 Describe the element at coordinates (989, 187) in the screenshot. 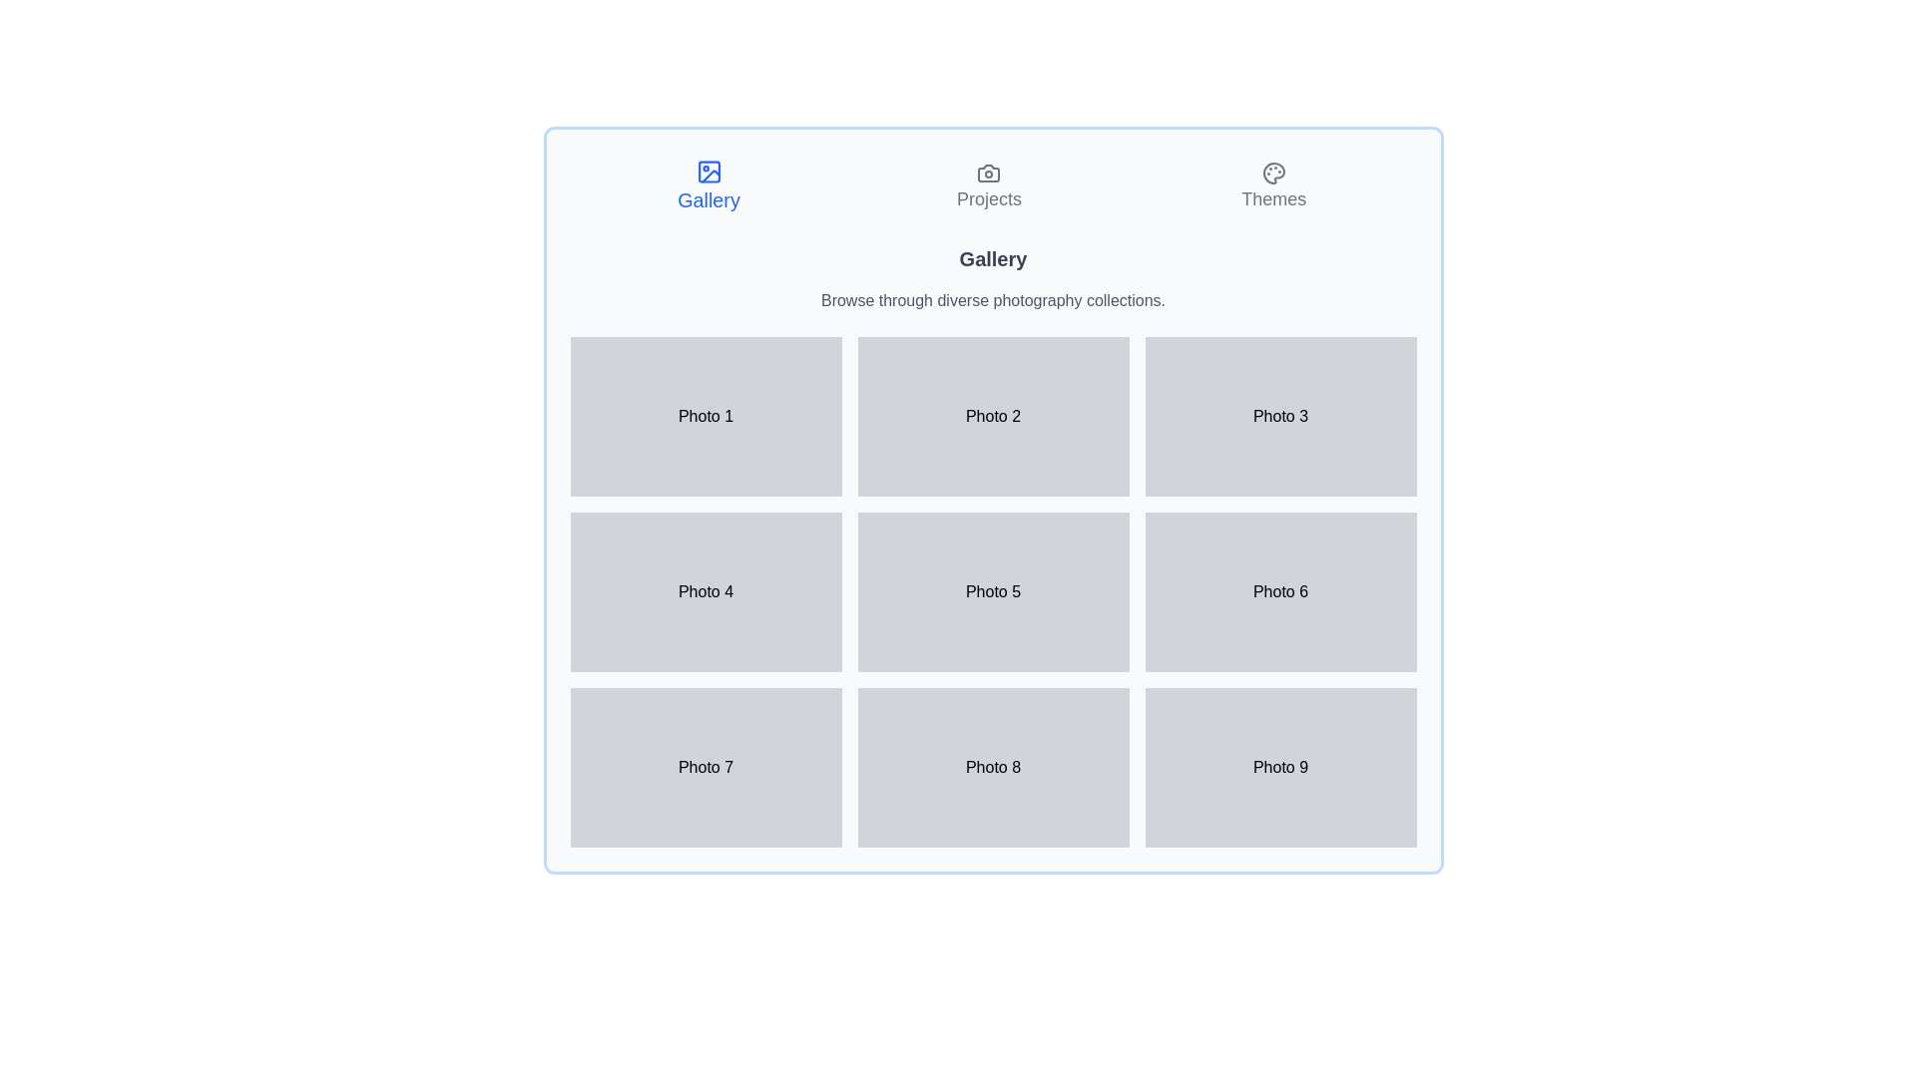

I see `the 'Projects' button, which is a rounded box styled button with a camera icon and gray text, located centrally between 'Gallery' and 'Themes'` at that location.